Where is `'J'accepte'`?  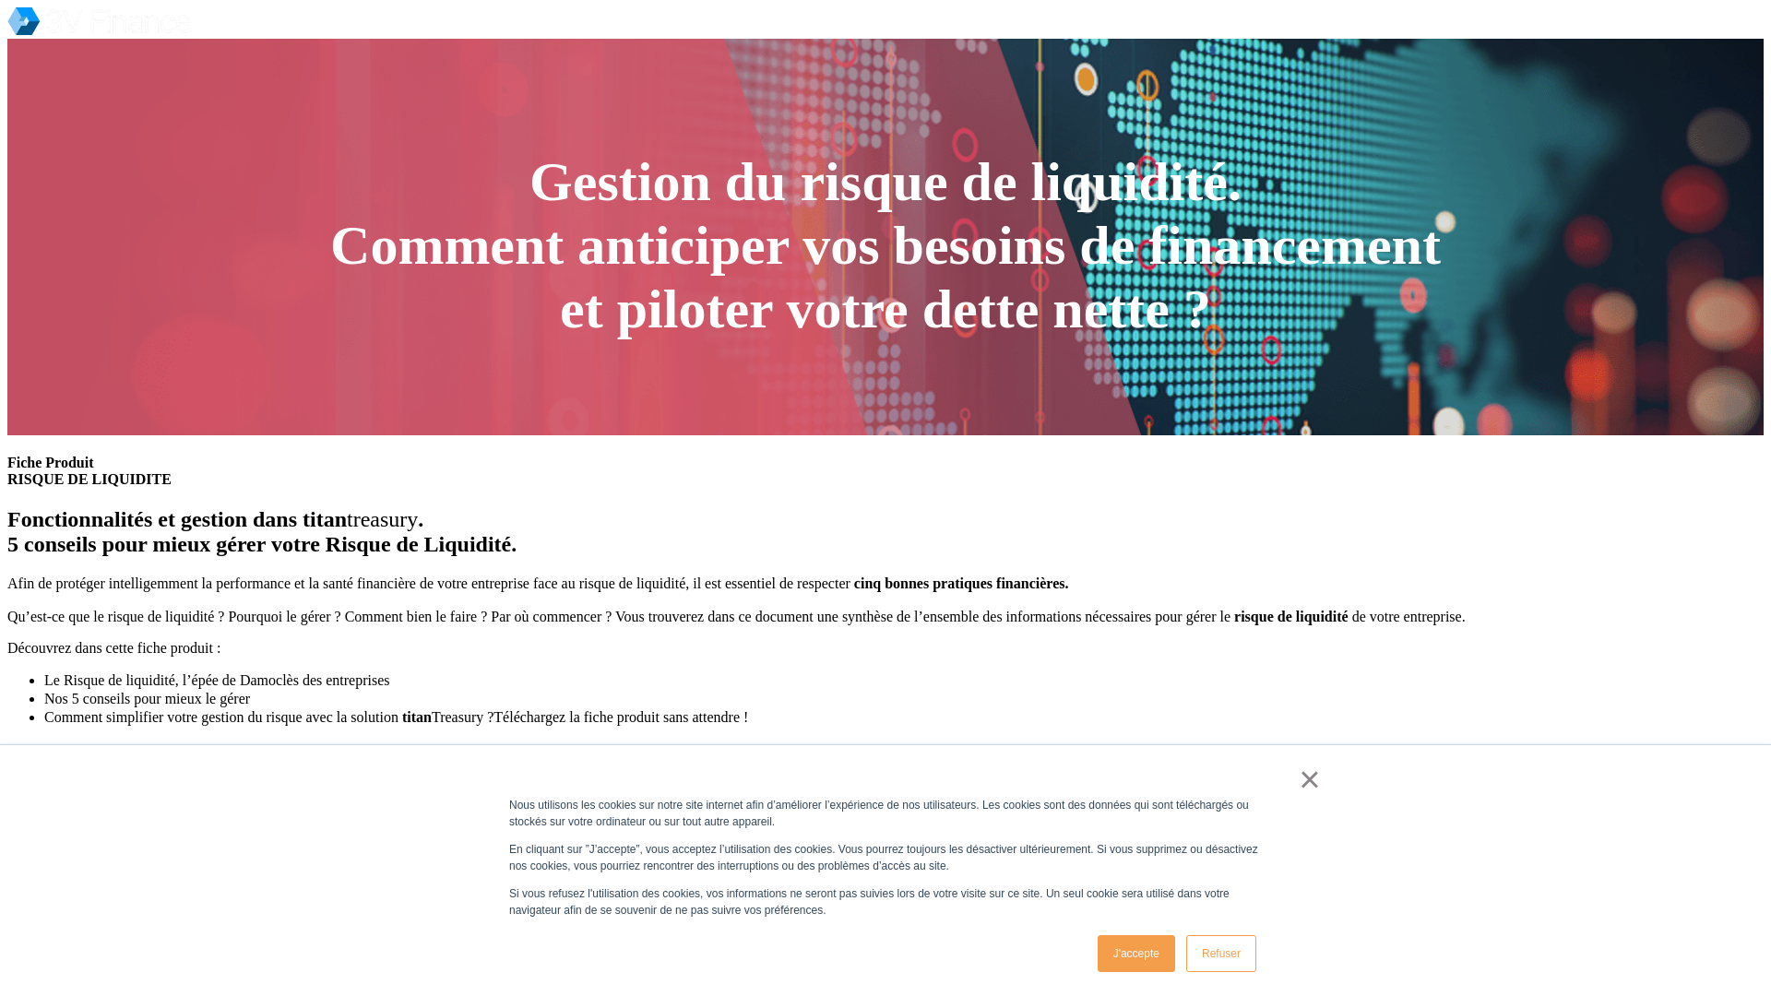
'J'accepte' is located at coordinates (1135, 953).